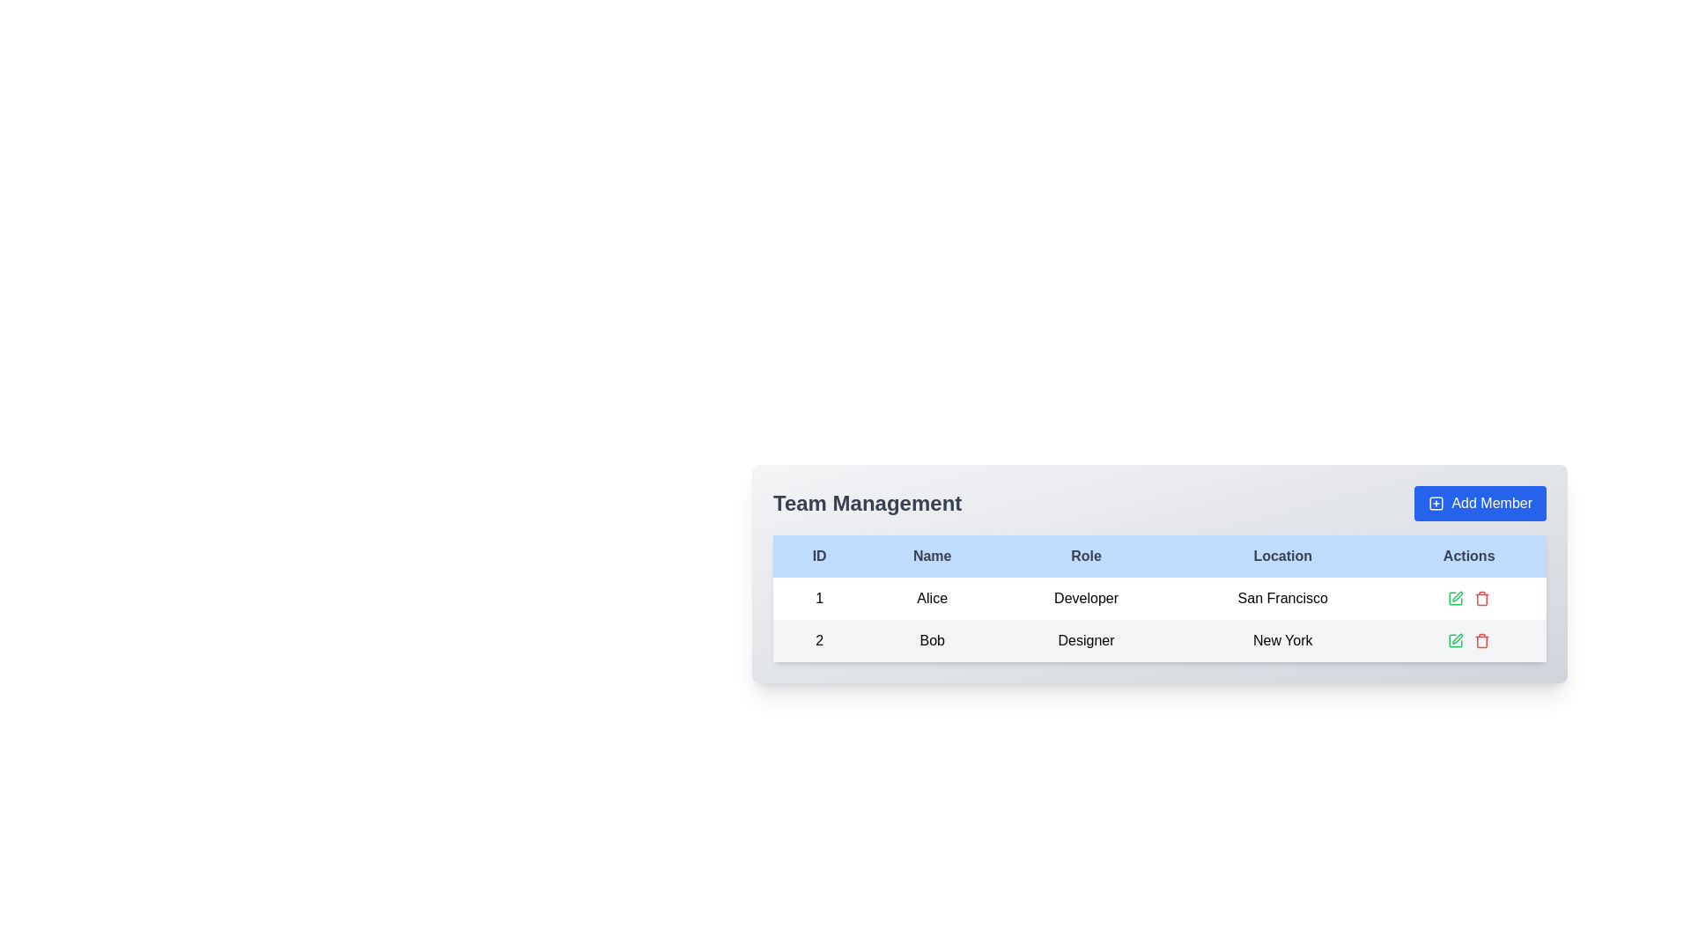  Describe the element at coordinates (1456, 641) in the screenshot. I see `the edit icon in the 'Actions' column of the second row for user 'Bob' to initiate editing features` at that location.